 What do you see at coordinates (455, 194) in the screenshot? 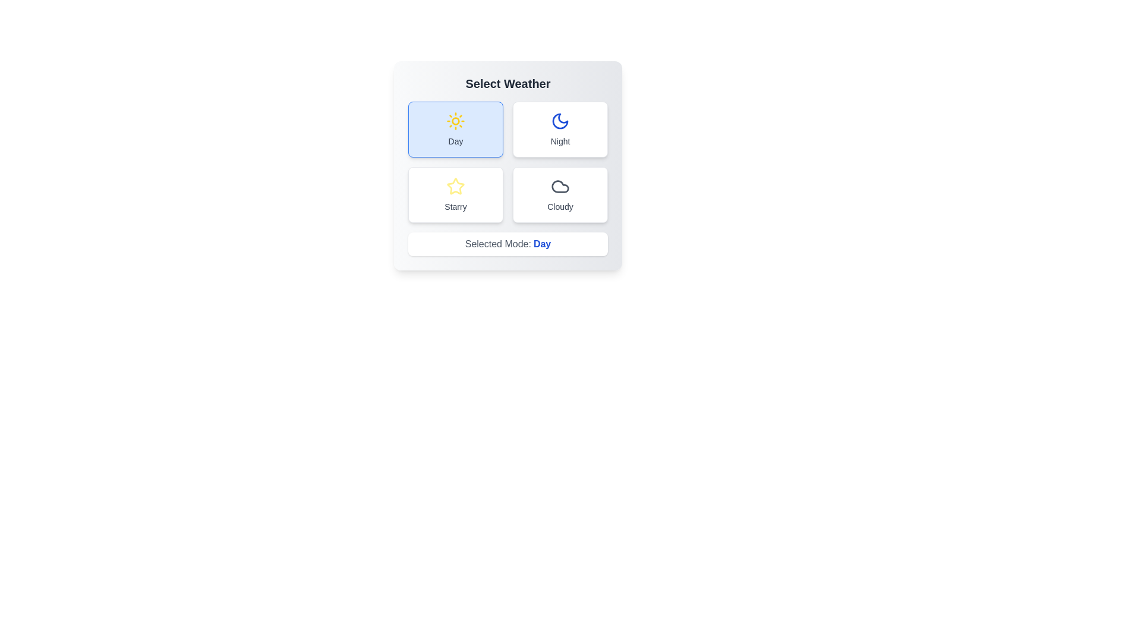
I see `the weather mode by clicking on the corresponding button for Starry` at bounding box center [455, 194].